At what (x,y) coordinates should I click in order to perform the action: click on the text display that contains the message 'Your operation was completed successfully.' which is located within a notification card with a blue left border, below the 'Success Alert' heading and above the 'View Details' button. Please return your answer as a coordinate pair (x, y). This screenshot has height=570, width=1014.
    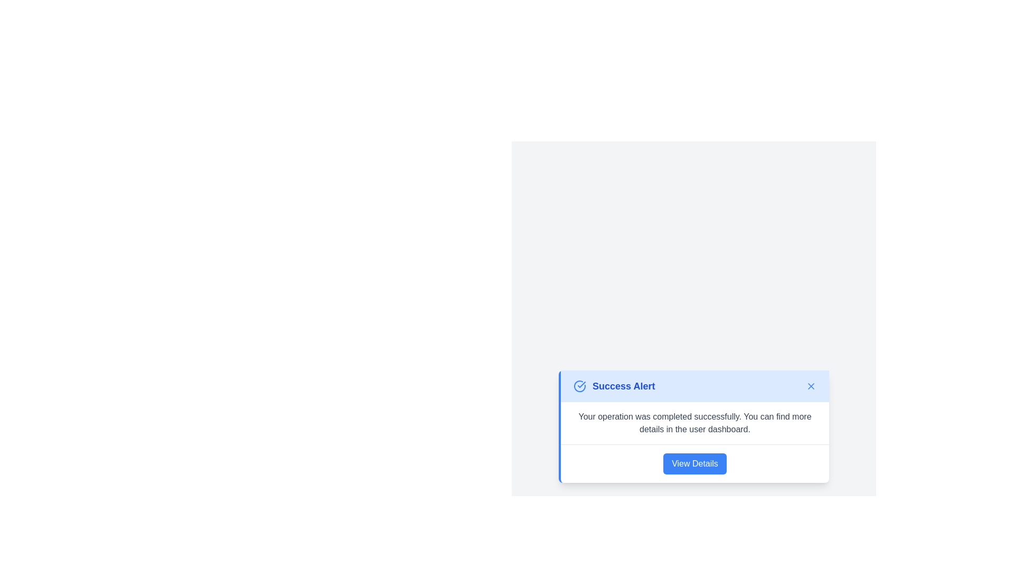
    Looking at the image, I should click on (694, 422).